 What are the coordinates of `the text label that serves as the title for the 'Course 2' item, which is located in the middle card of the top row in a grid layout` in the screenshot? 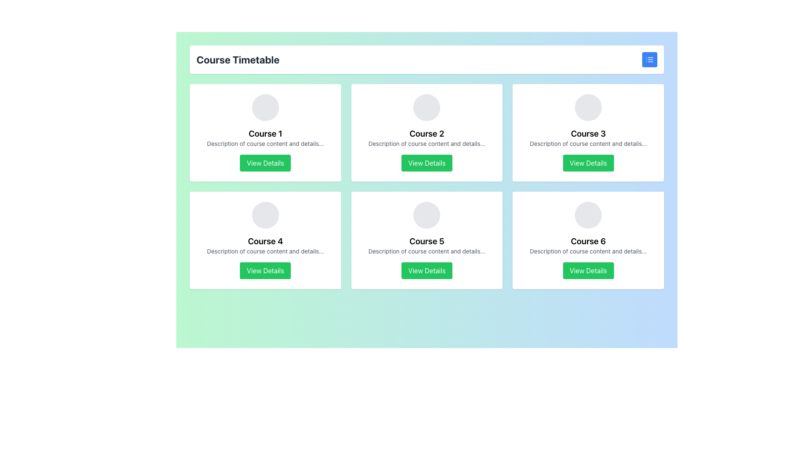 It's located at (427, 133).